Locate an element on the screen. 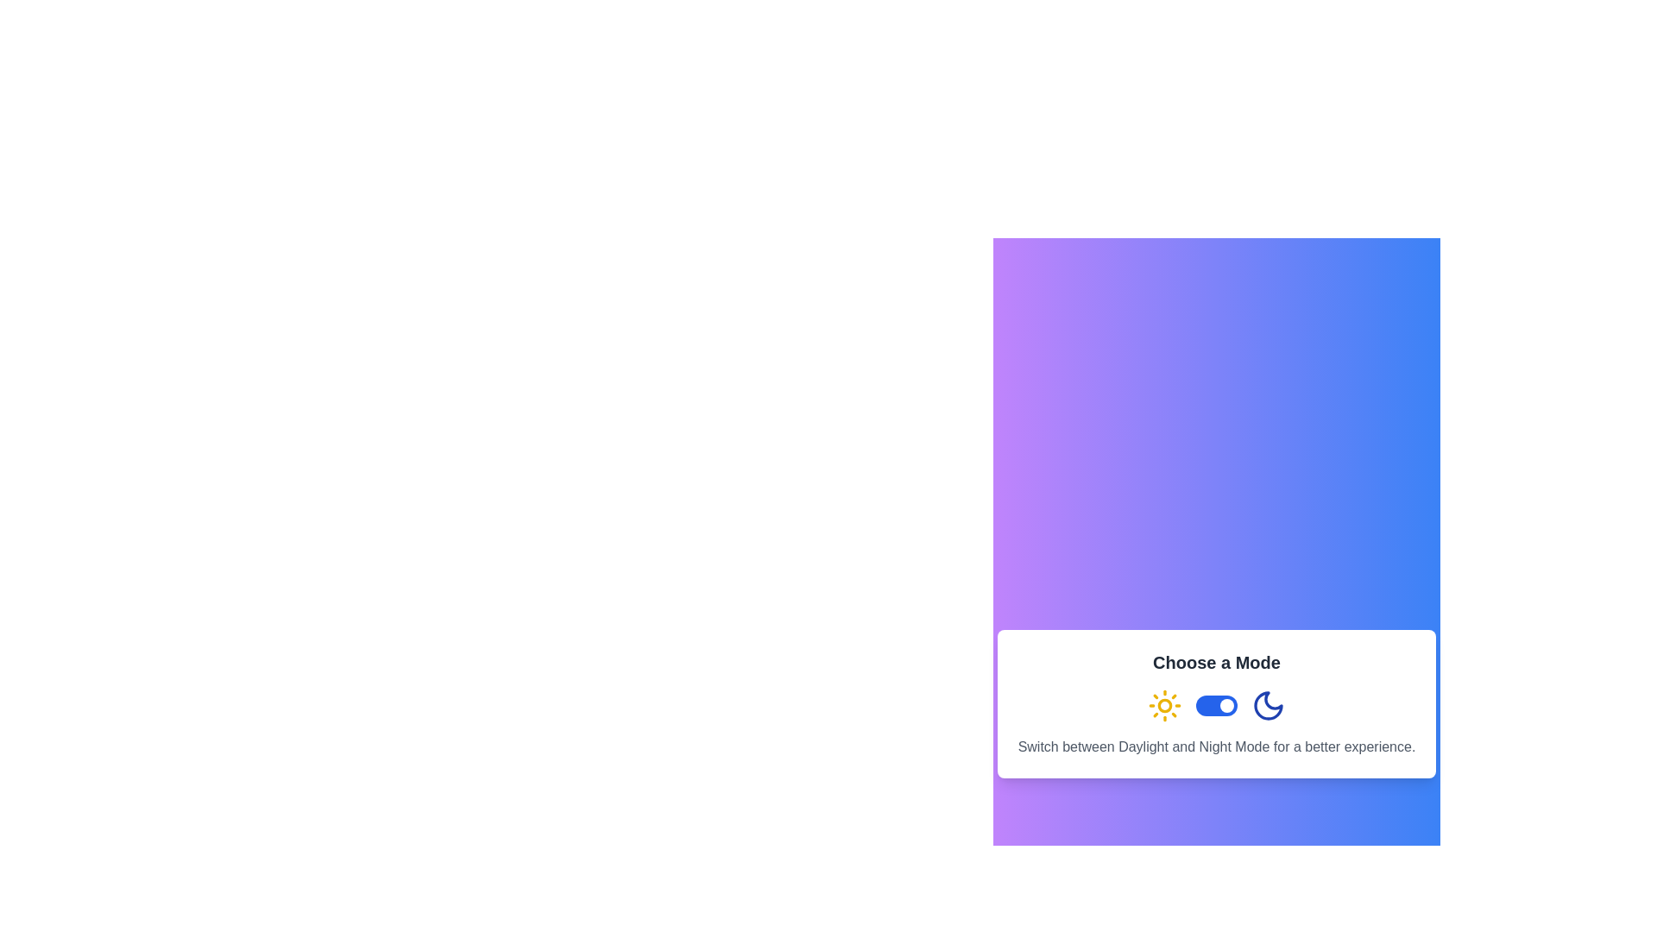 The width and height of the screenshot is (1657, 932). the daylight mode icon located in the center-left position of the horizontally arranged group, which is below the heading 'Choose a Mode' is located at coordinates (1164, 705).